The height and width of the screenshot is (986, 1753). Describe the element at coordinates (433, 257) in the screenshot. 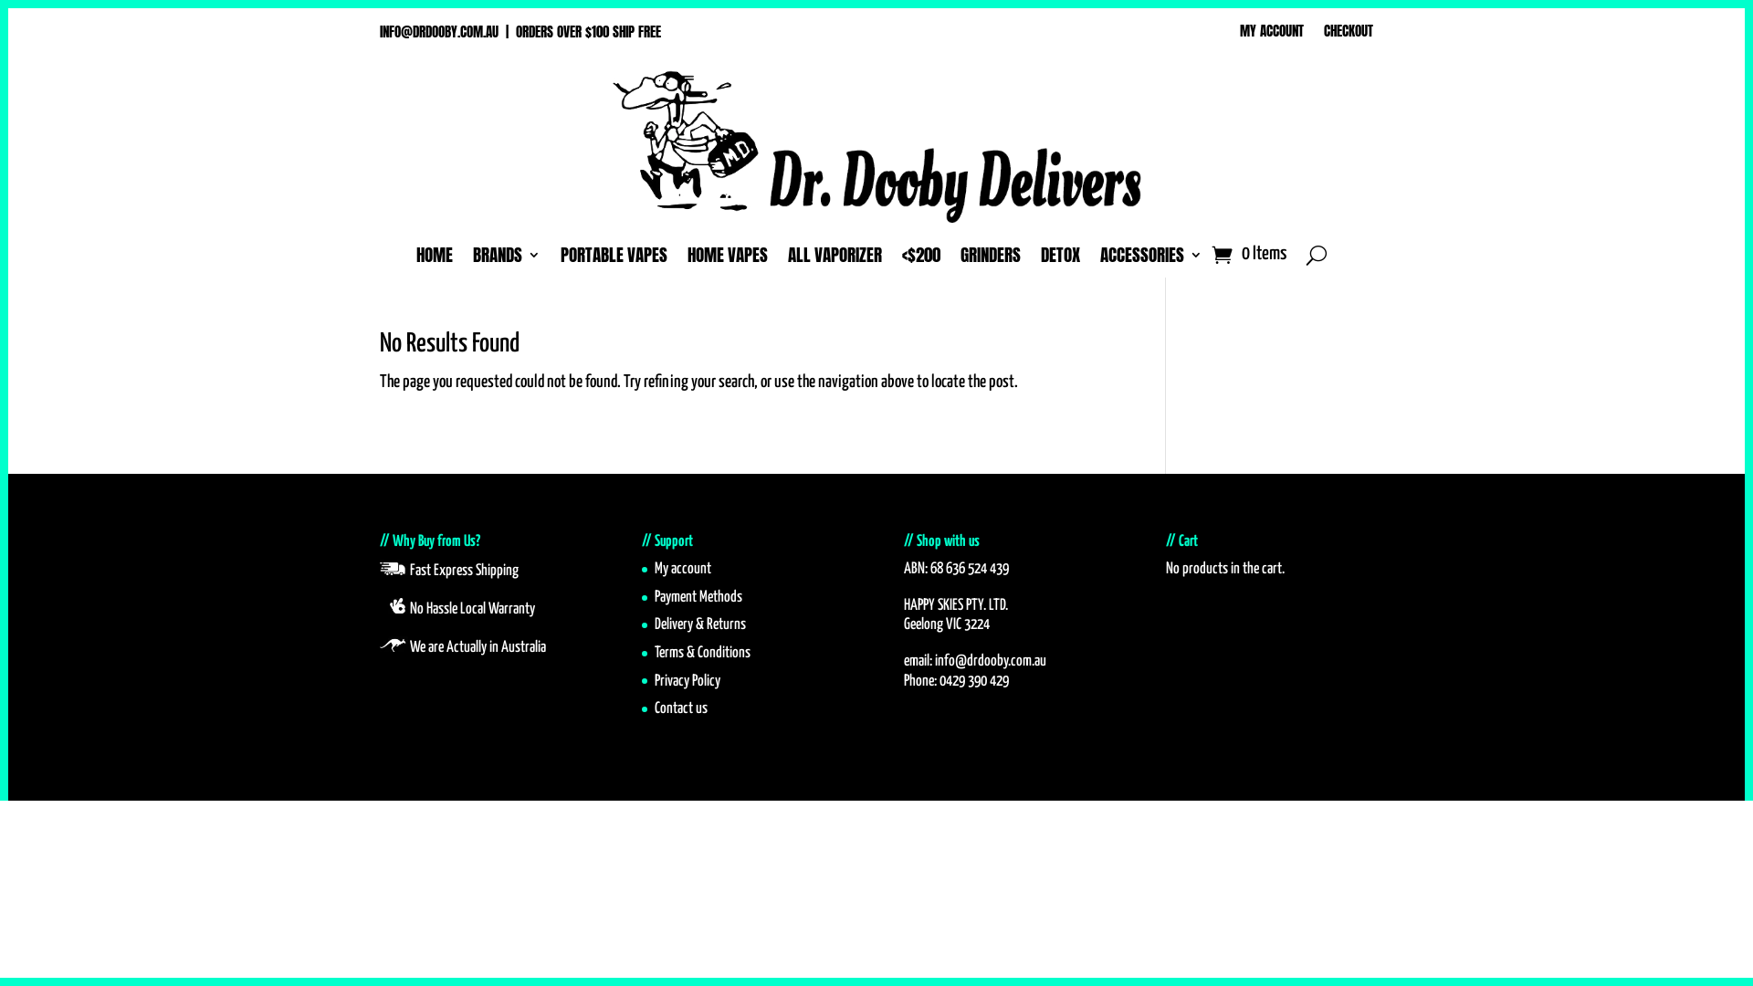

I see `'HOME'` at that location.